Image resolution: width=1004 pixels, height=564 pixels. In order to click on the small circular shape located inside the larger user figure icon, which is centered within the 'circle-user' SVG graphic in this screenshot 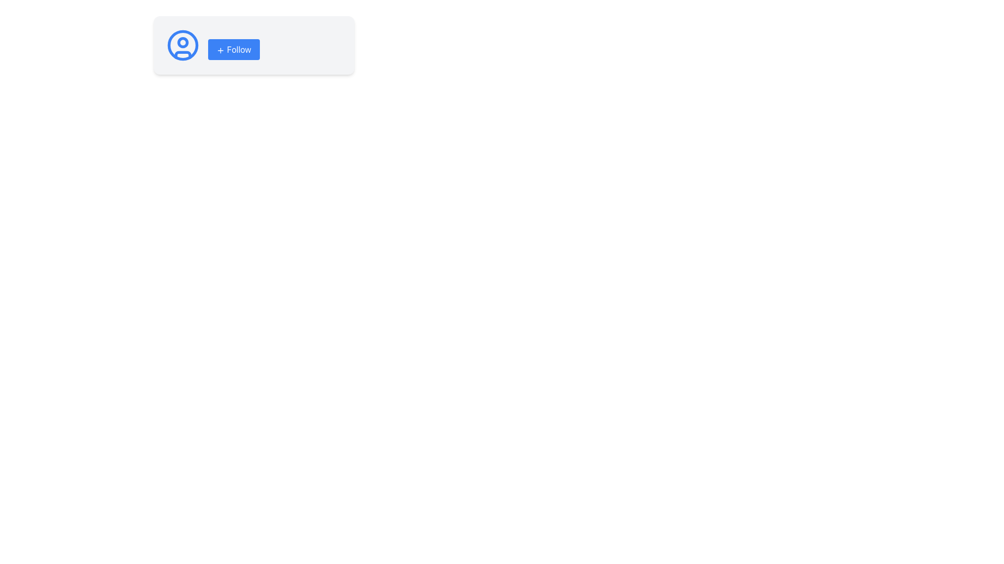, I will do `click(183, 42)`.